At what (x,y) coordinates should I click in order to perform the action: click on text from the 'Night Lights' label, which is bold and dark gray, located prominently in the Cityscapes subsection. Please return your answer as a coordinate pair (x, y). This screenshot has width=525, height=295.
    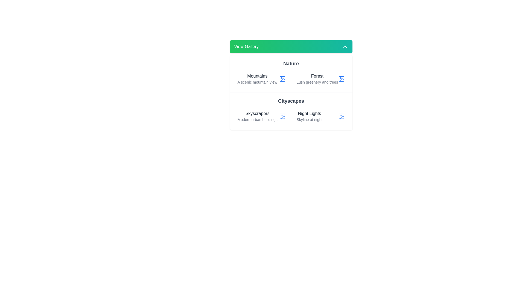
    Looking at the image, I should click on (310, 113).